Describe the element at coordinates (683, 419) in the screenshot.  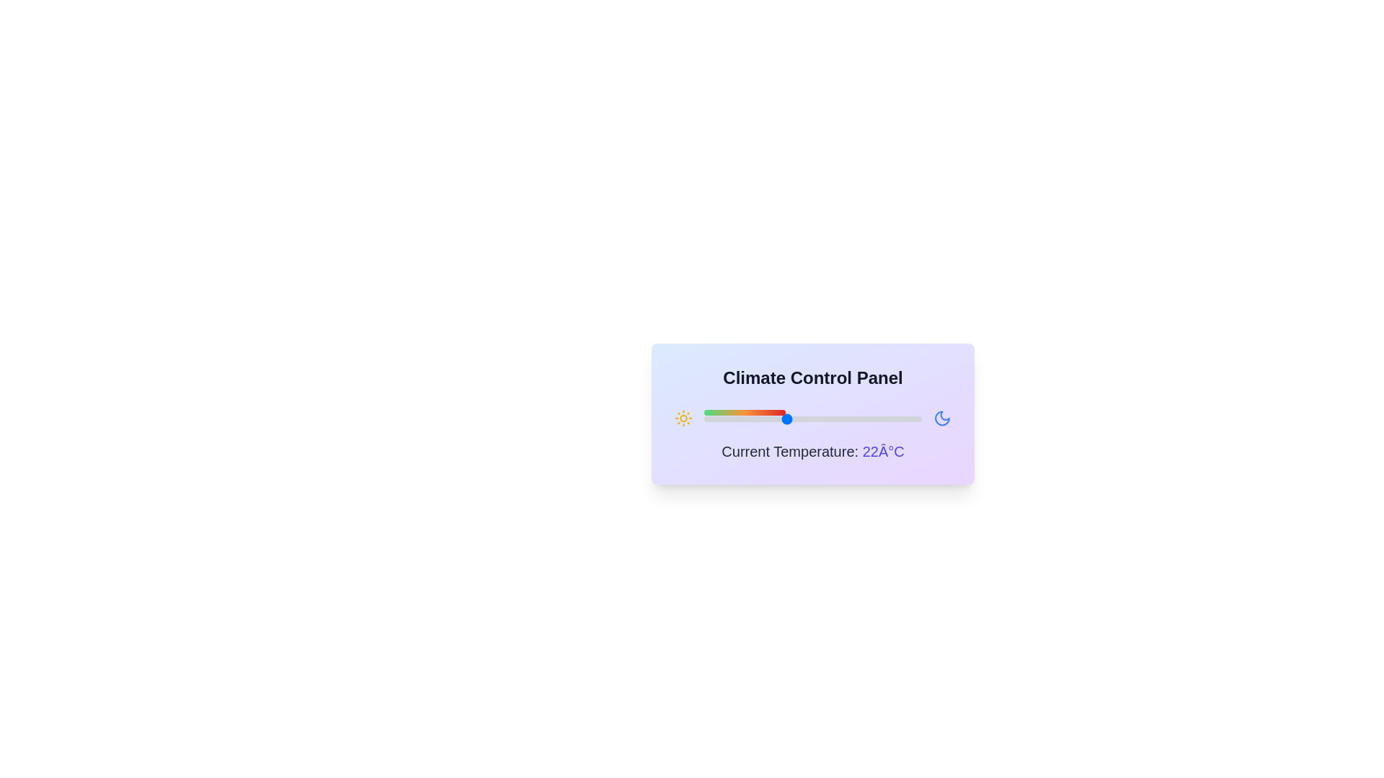
I see `the daylight or brightness icon located in the leftmost section of the control panel` at that location.